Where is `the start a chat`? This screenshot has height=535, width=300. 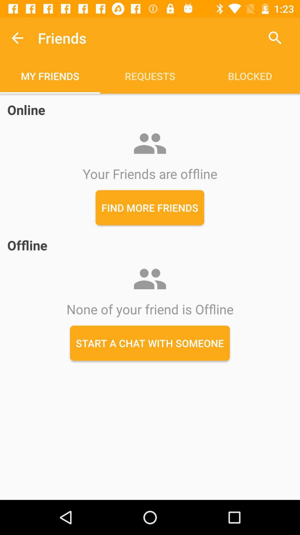 the start a chat is located at coordinates (149, 343).